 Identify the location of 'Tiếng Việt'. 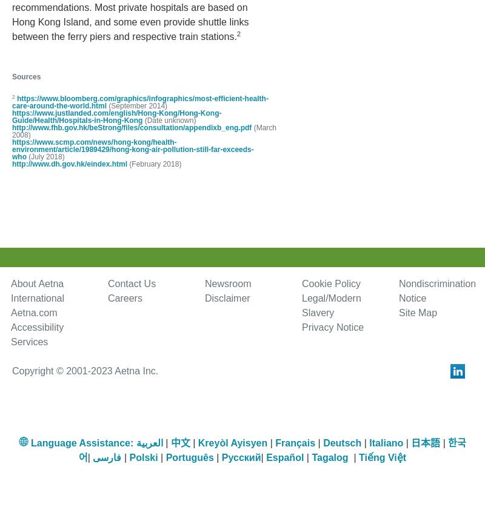
(358, 457).